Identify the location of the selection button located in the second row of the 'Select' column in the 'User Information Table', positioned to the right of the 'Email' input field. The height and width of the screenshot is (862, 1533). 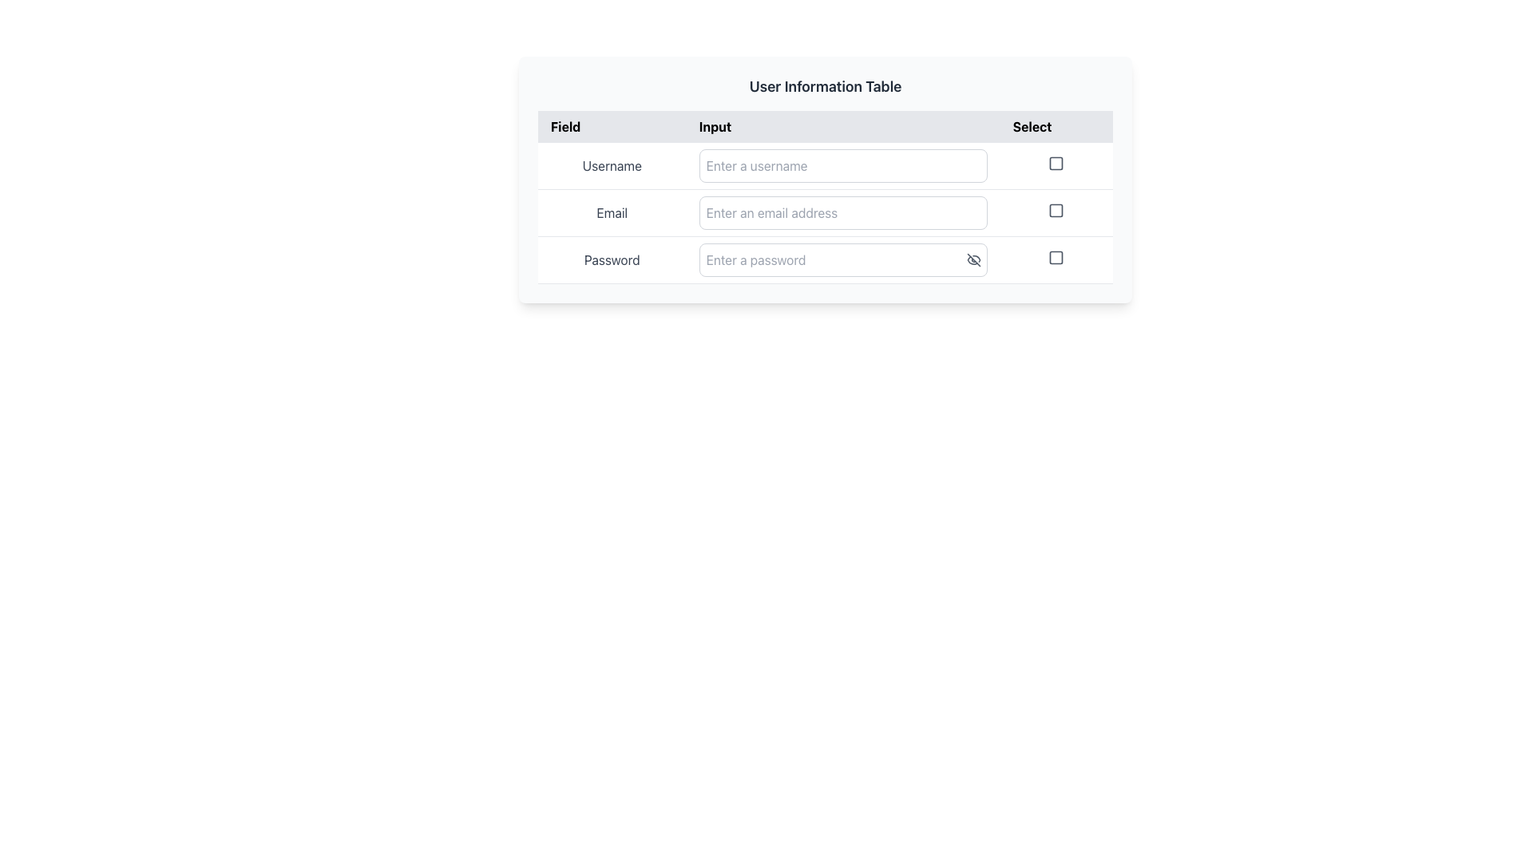
(1056, 209).